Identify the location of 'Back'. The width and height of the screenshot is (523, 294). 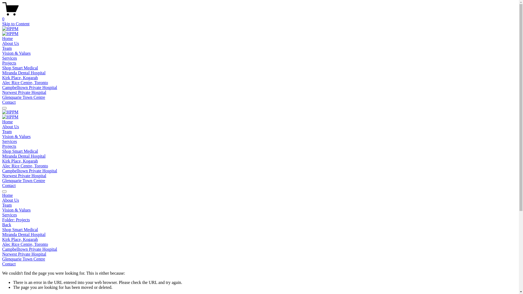
(7, 225).